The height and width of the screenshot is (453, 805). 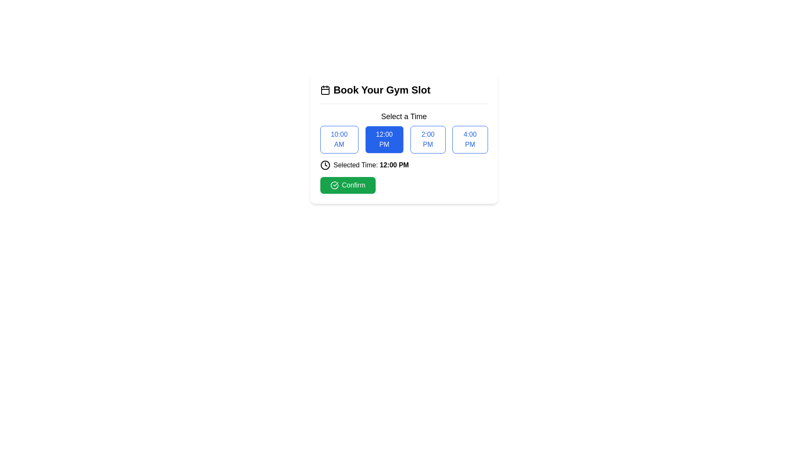 I want to click on the text element that displays the currently selected time slot, located below the selectable time slots, so click(x=394, y=165).